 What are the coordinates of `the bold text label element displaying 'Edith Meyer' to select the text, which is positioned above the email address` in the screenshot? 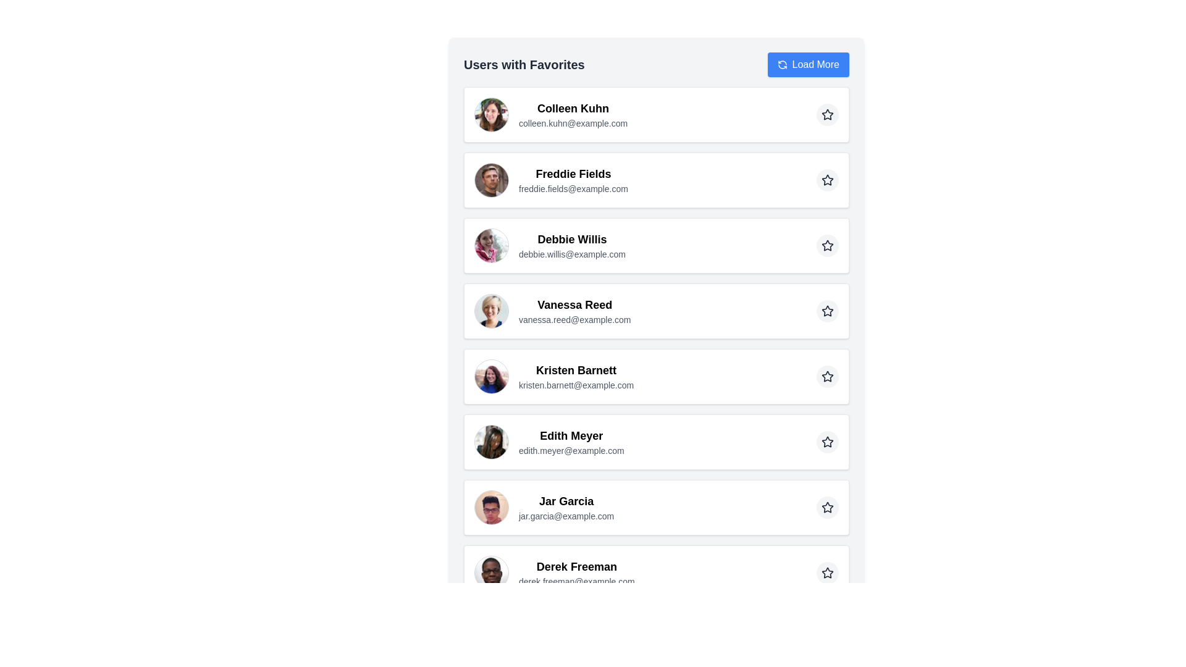 It's located at (571, 435).